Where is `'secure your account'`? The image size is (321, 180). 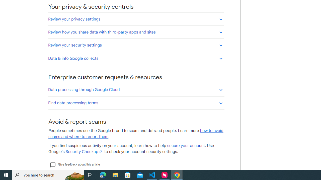 'secure your account' is located at coordinates (186, 146).